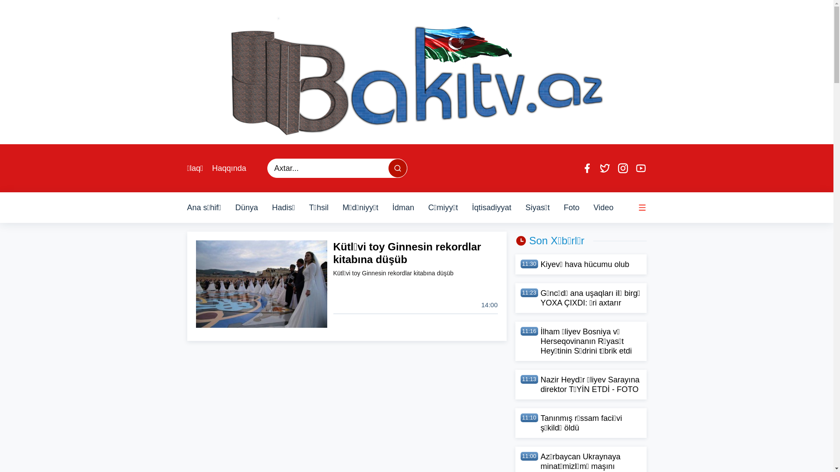  Describe the element at coordinates (622, 168) in the screenshot. I see `'Instagram'` at that location.